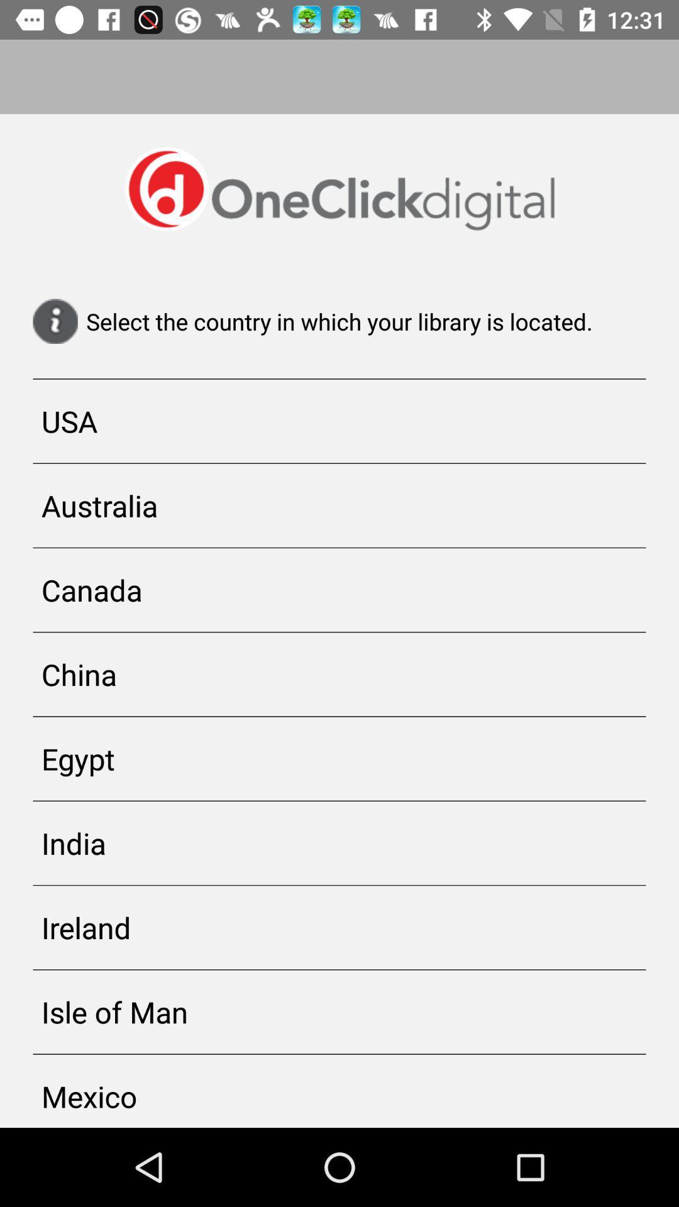 The height and width of the screenshot is (1207, 679). What do you see at coordinates (339, 758) in the screenshot?
I see `the item above the india item` at bounding box center [339, 758].